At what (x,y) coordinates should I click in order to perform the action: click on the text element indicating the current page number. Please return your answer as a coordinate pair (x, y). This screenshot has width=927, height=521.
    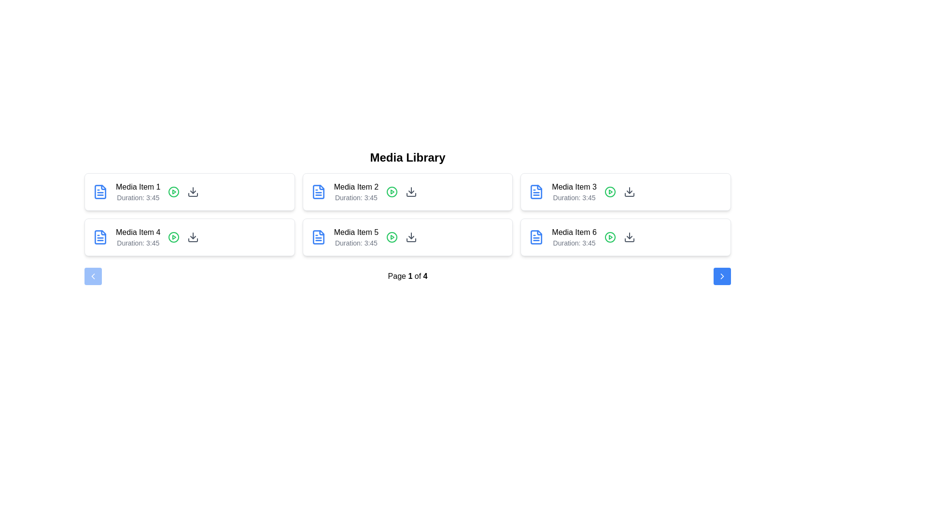
    Looking at the image, I should click on (410, 276).